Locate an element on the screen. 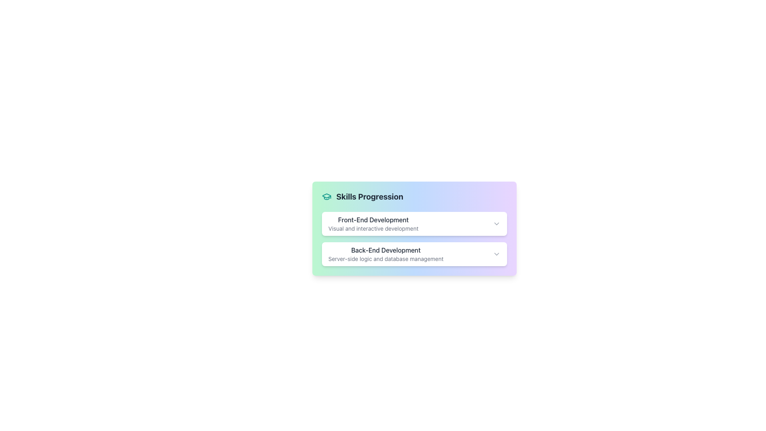 The height and width of the screenshot is (431, 766). textual content of the second item in the 'Skills Progression' section of the Collapsible List Item, which includes a bold header and supplementary description text is located at coordinates (414, 238).